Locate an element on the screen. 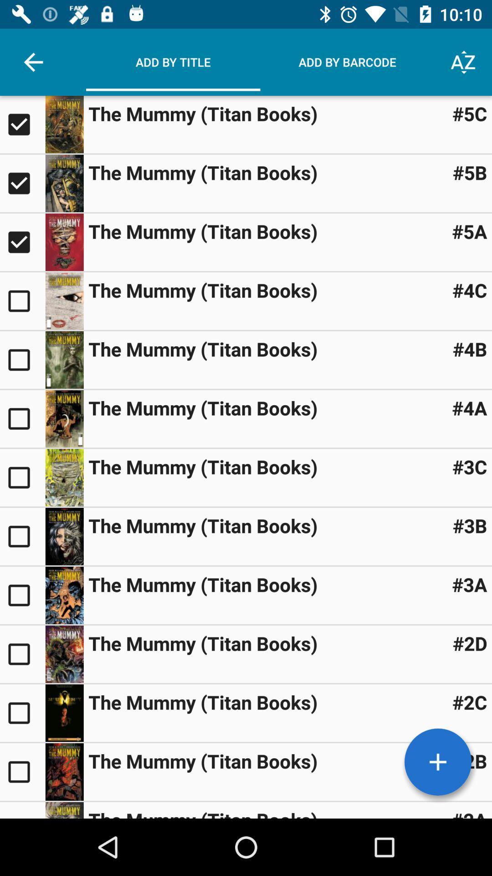  button is located at coordinates (22, 537).